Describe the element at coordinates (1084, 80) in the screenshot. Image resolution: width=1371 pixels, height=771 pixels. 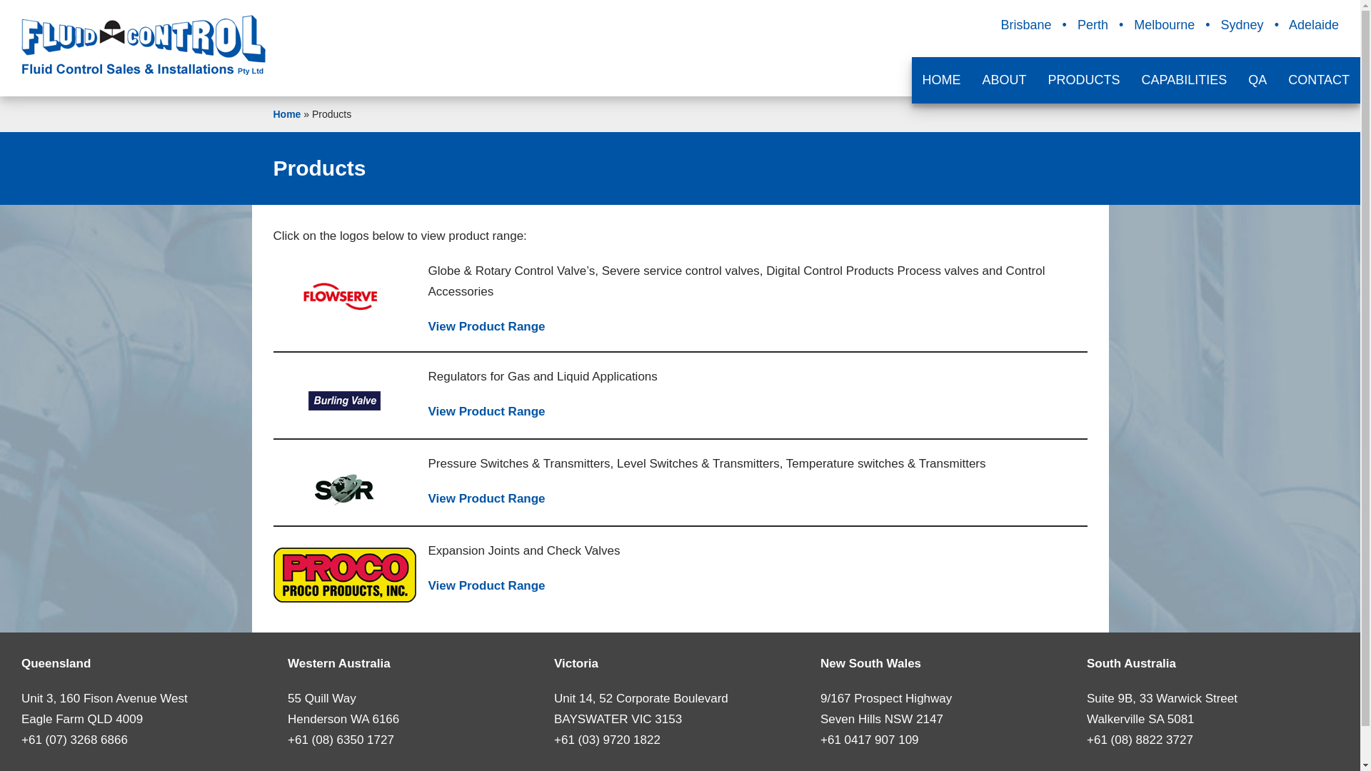
I see `'PRODUCTS'` at that location.